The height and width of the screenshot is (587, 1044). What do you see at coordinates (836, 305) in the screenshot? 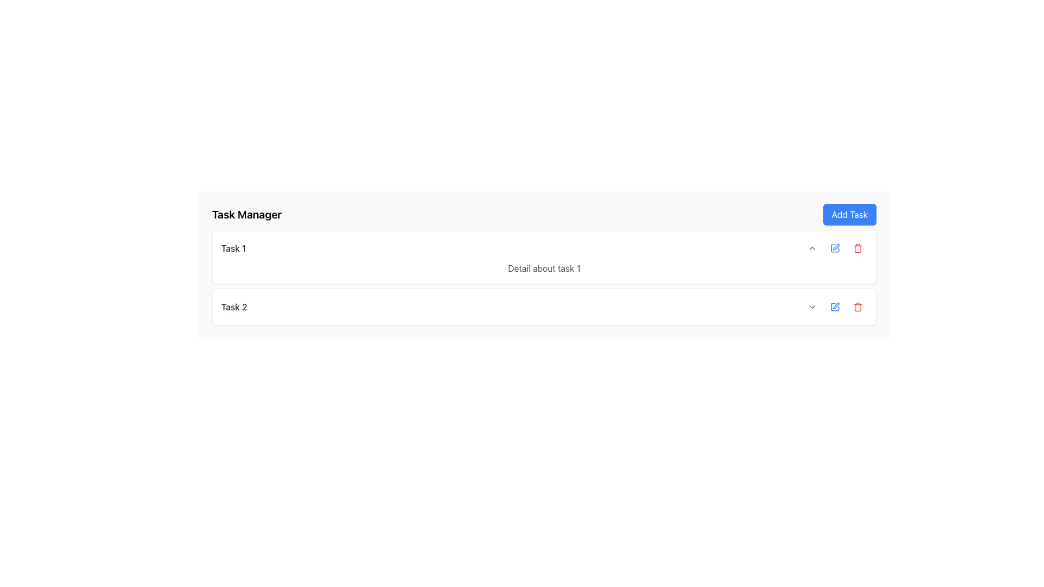
I see `the 'Edit' button located in the action section of the second task in the task list` at bounding box center [836, 305].